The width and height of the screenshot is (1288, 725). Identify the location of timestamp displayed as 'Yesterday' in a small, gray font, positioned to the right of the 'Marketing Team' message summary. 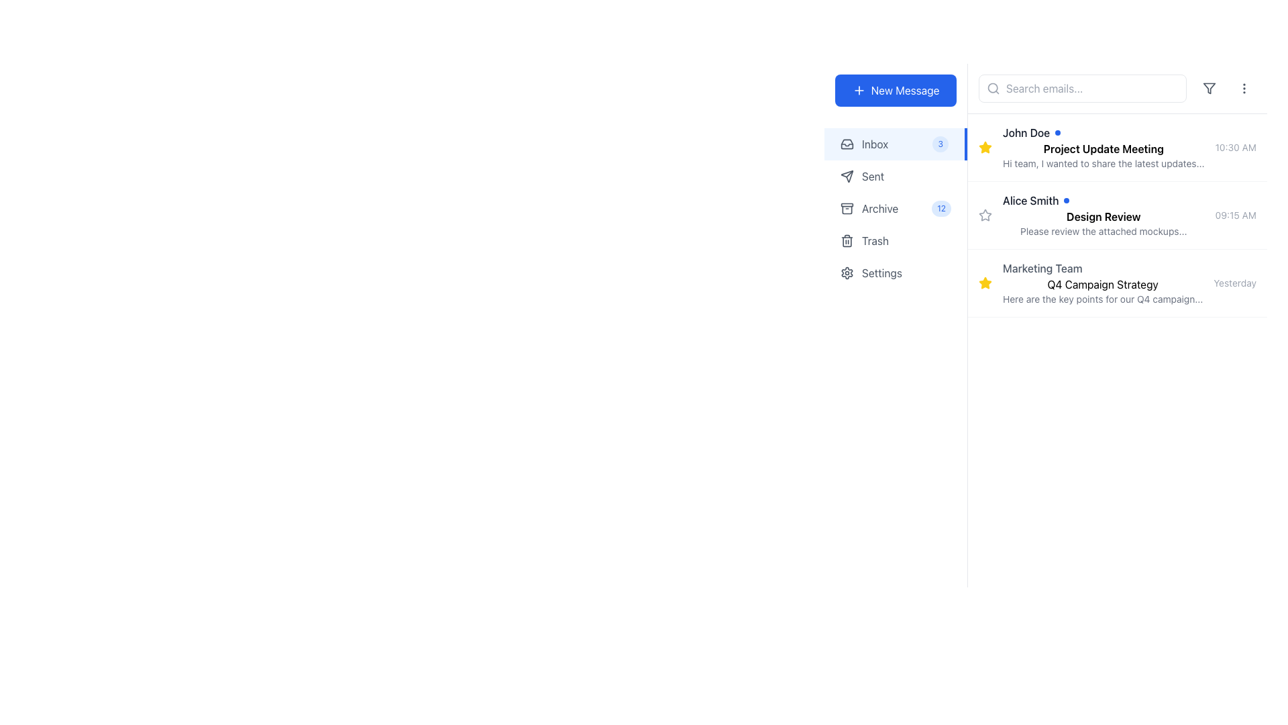
(1234, 282).